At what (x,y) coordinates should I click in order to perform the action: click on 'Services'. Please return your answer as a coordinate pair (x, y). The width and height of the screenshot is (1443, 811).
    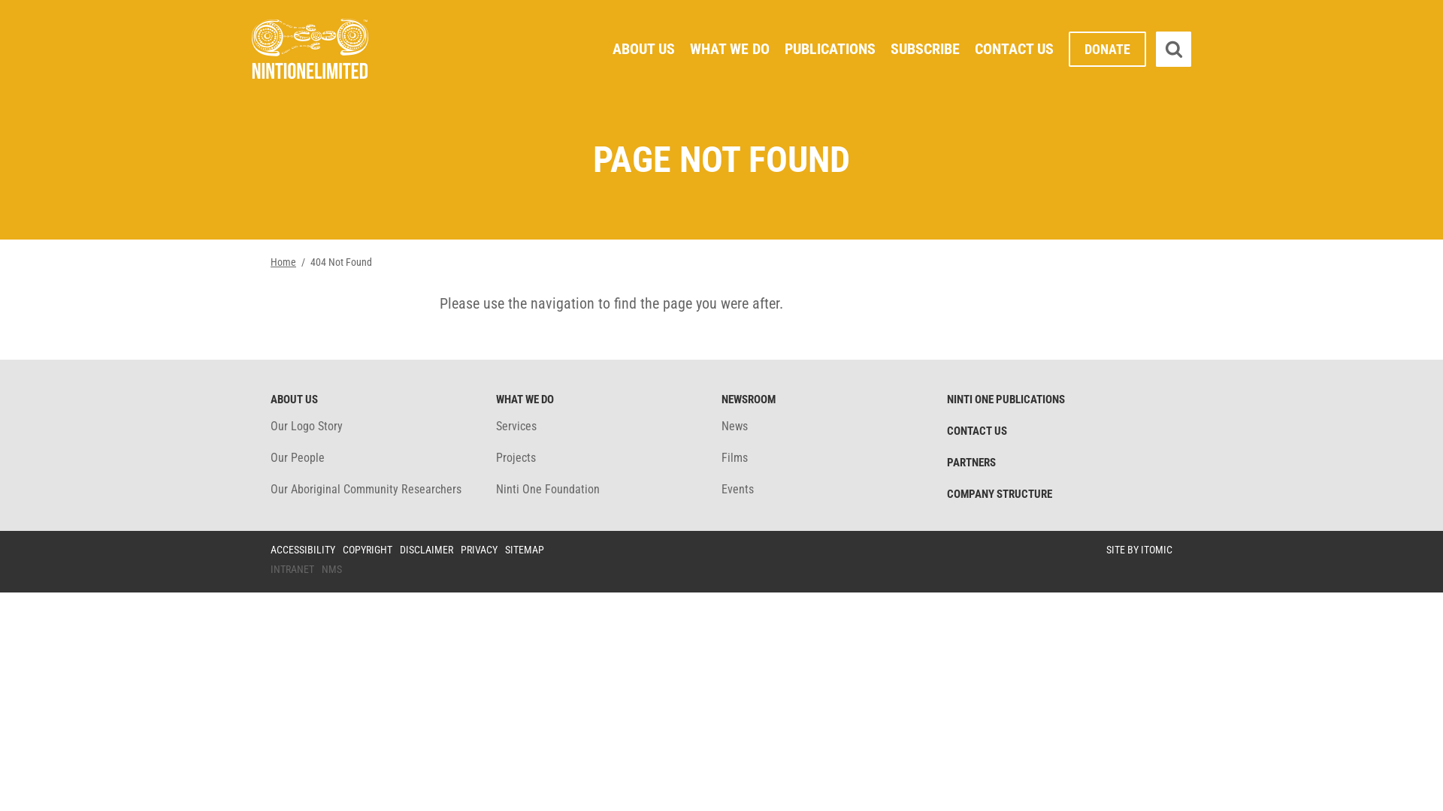
    Looking at the image, I should click on (516, 426).